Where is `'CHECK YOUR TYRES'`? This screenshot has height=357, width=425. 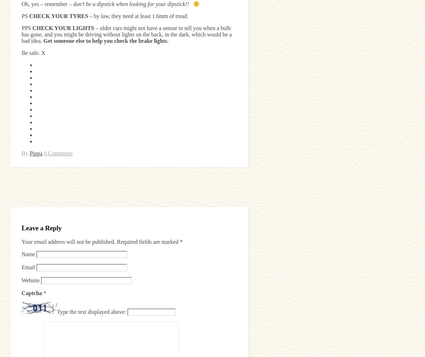 'CHECK YOUR TYRES' is located at coordinates (58, 16).